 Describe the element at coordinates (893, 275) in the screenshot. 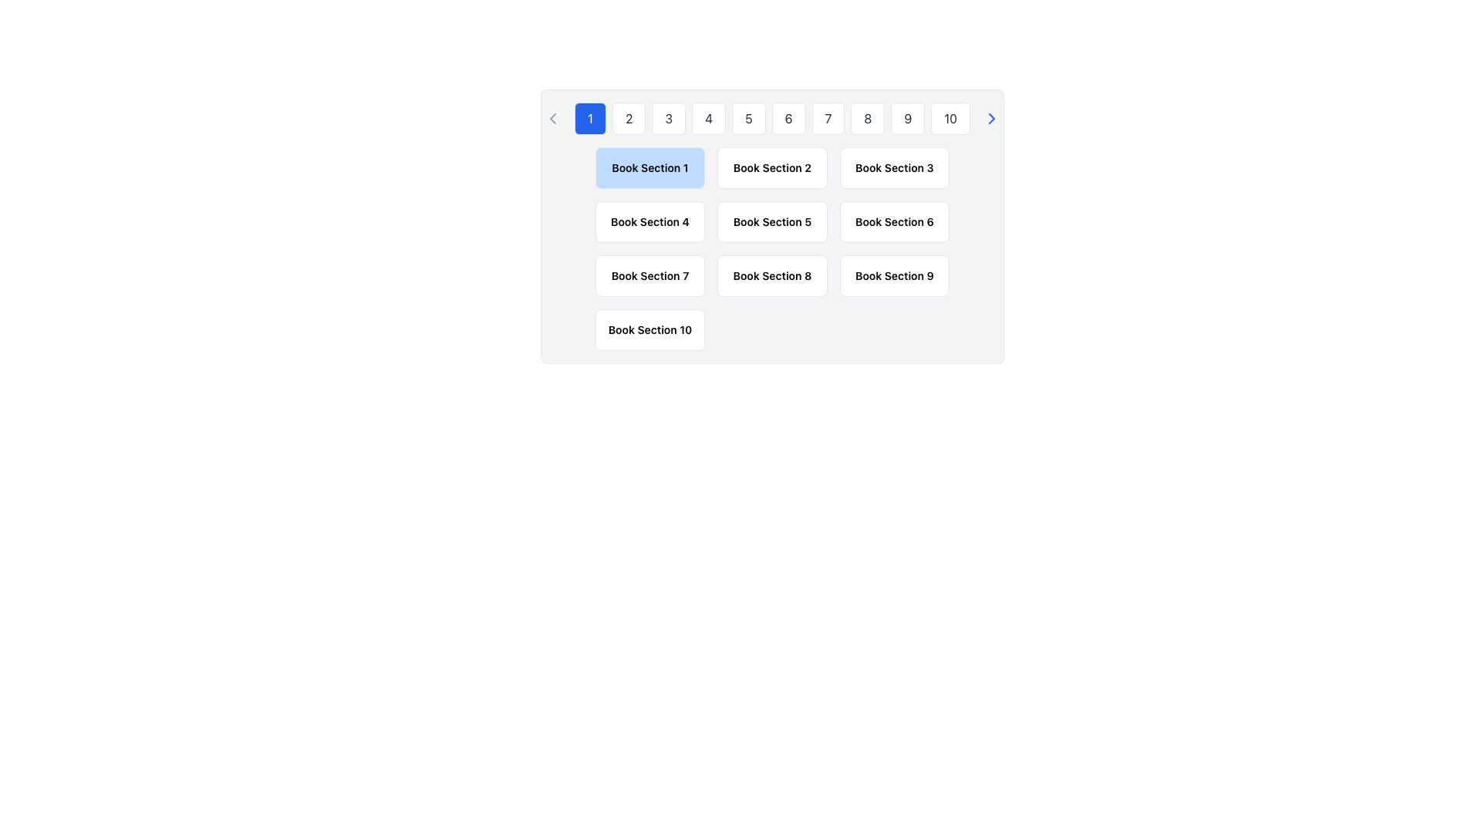

I see `the selectable label representing 'Book Section 9' located in the third column of the third row in a 3x4 grid layout` at that location.